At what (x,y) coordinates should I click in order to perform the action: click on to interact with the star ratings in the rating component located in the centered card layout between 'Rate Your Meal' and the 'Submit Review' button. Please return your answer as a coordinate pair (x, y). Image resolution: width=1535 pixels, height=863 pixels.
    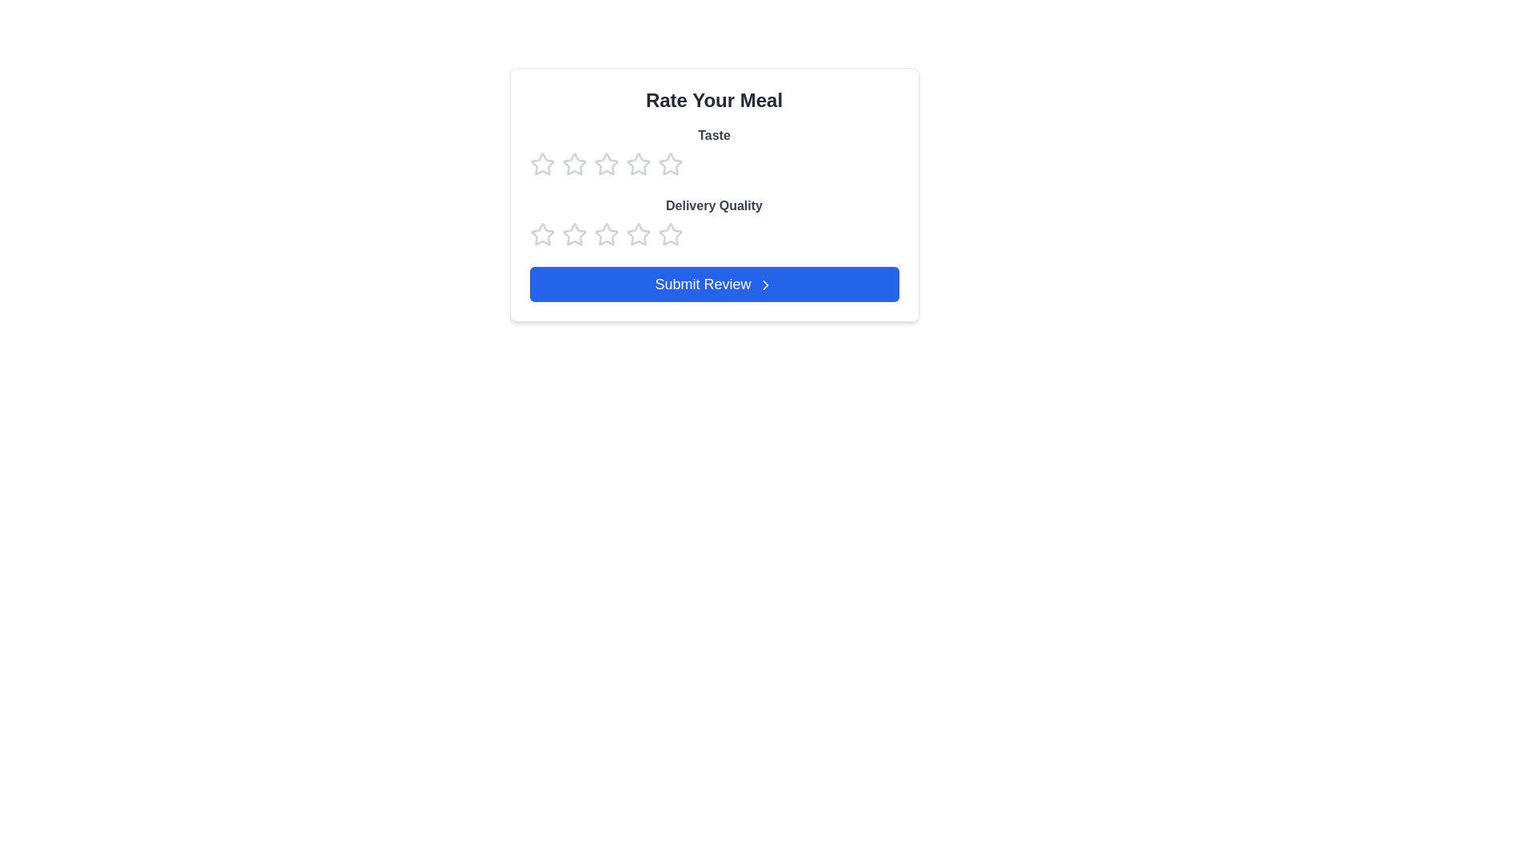
    Looking at the image, I should click on (713, 186).